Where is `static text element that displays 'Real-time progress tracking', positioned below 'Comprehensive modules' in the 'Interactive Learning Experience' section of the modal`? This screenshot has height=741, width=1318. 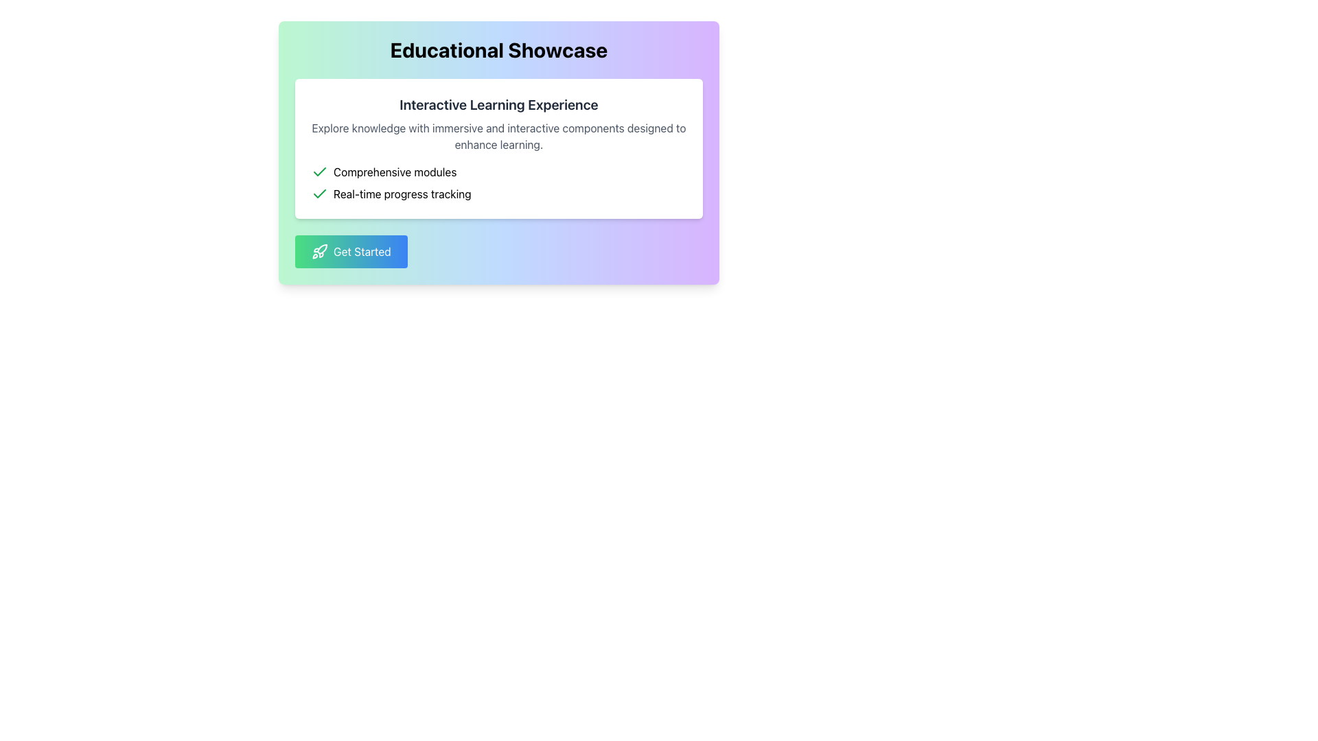
static text element that displays 'Real-time progress tracking', positioned below 'Comprehensive modules' in the 'Interactive Learning Experience' section of the modal is located at coordinates (402, 193).